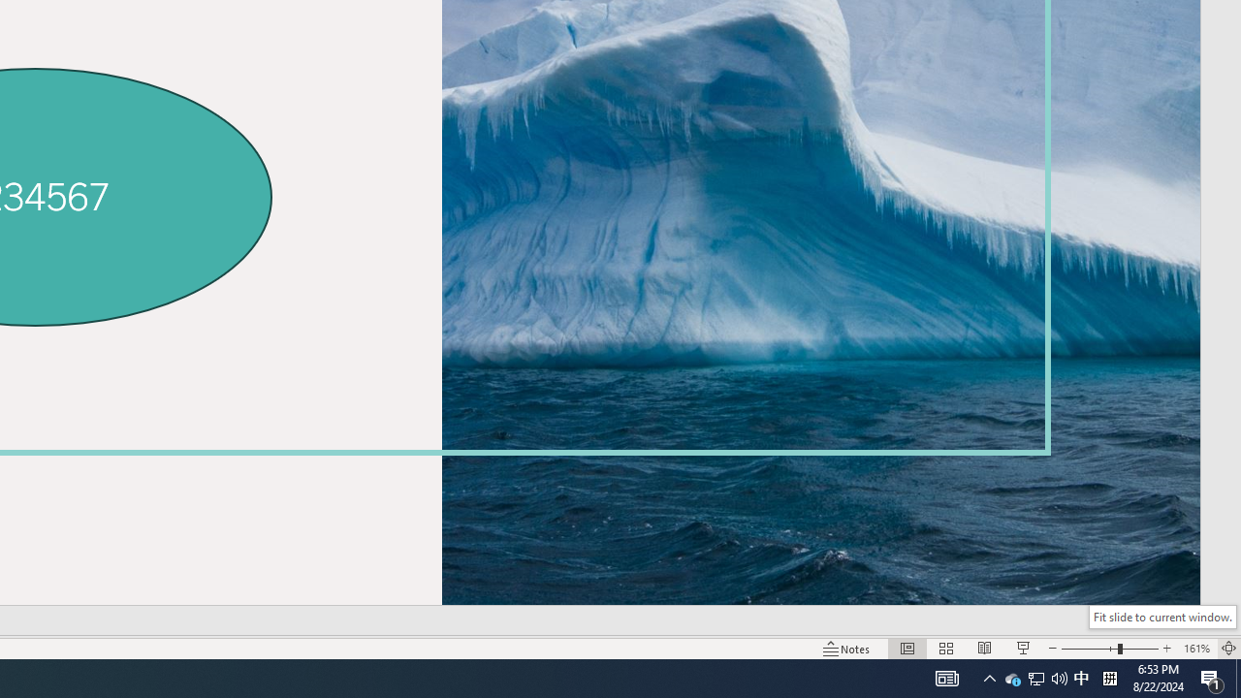 The width and height of the screenshot is (1241, 698). Describe the element at coordinates (1227, 649) in the screenshot. I see `'Zoom to Fit '` at that location.